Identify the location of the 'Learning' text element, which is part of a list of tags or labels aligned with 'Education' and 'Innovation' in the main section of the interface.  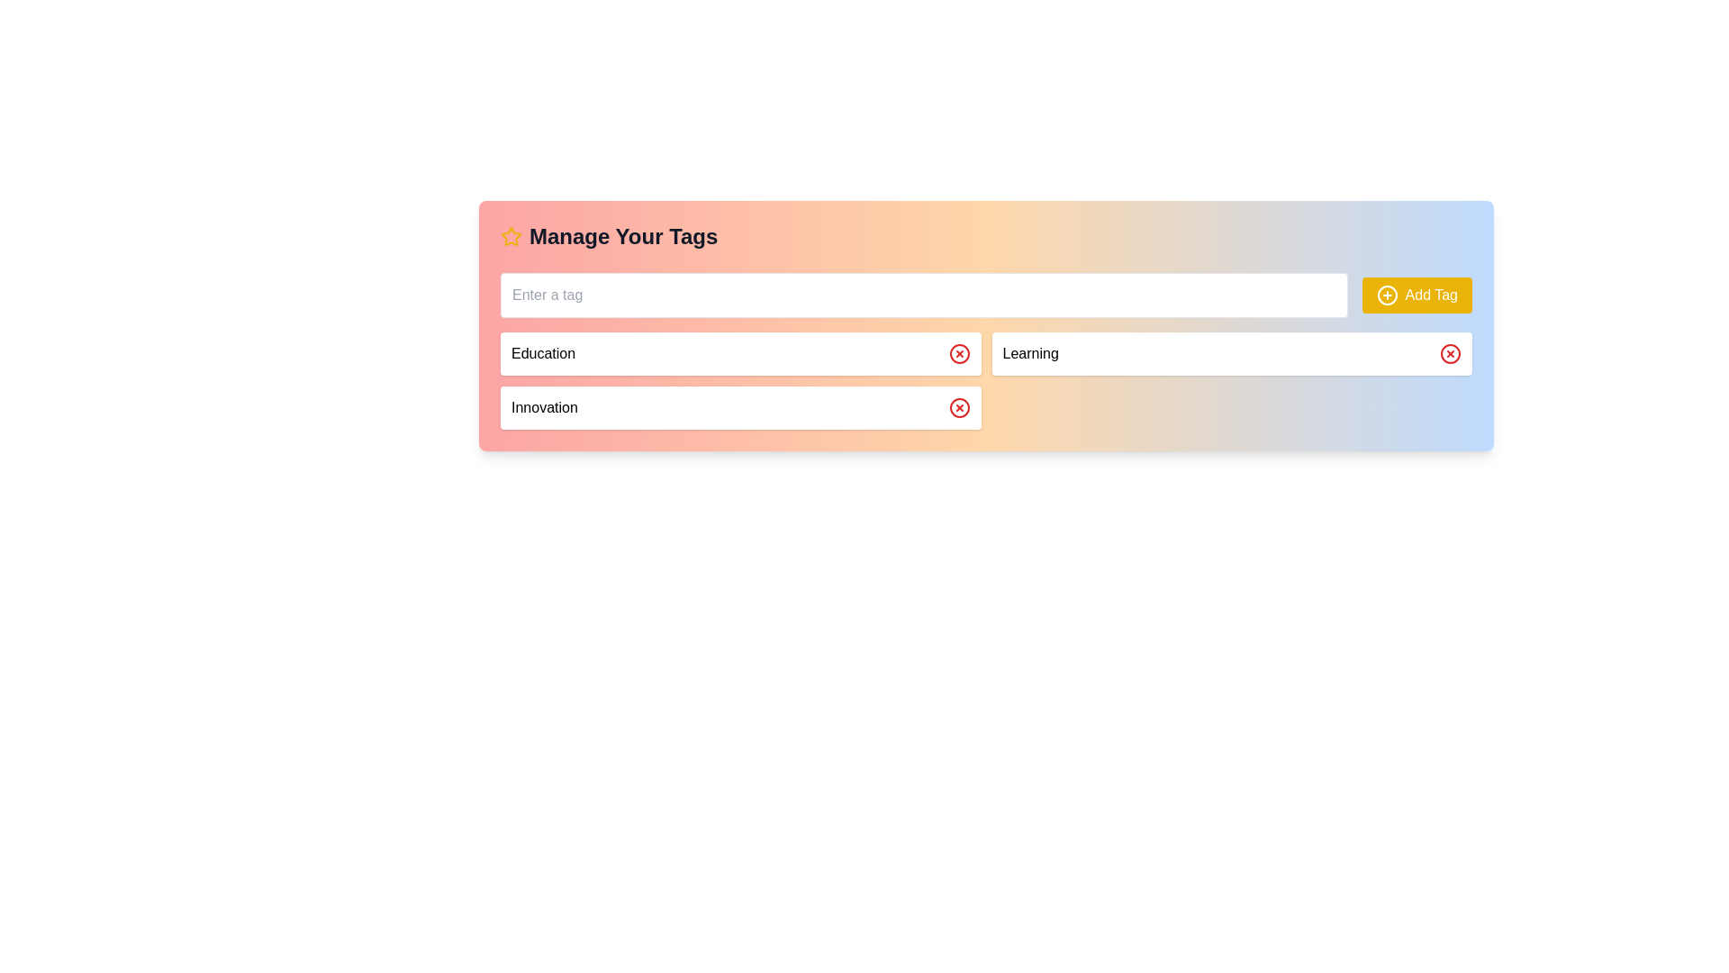
(1030, 354).